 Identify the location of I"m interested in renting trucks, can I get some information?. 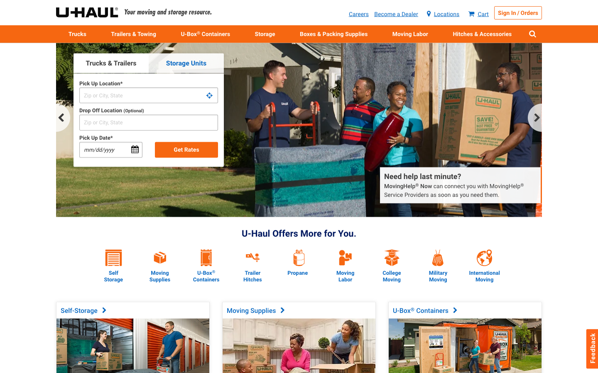
(77, 33).